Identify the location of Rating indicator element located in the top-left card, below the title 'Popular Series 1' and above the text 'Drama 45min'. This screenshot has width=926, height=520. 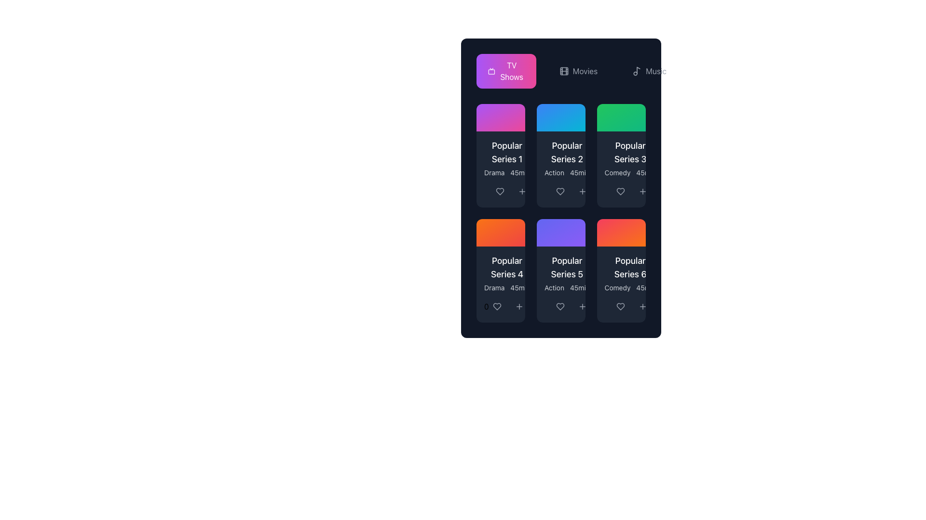
(542, 144).